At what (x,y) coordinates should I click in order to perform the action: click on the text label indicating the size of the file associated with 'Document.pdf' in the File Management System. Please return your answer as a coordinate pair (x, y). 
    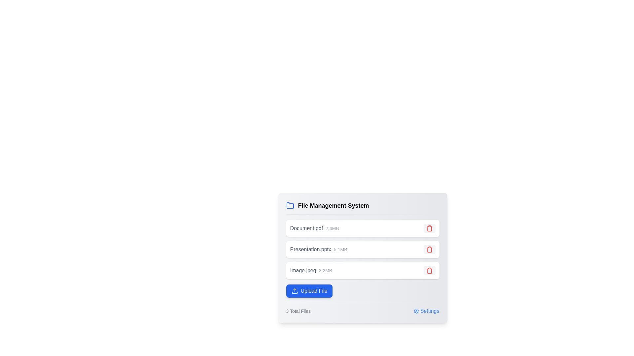
    Looking at the image, I should click on (332, 228).